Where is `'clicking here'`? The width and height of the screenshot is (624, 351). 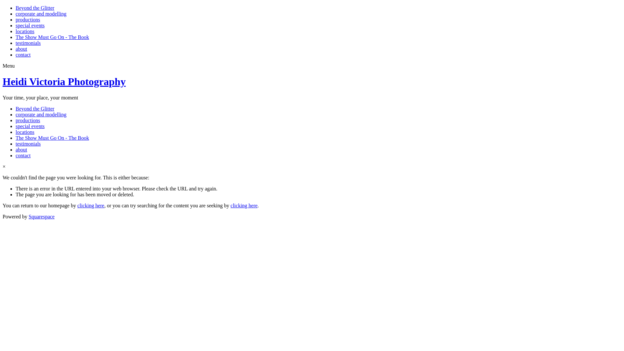
'clicking here' is located at coordinates (243, 205).